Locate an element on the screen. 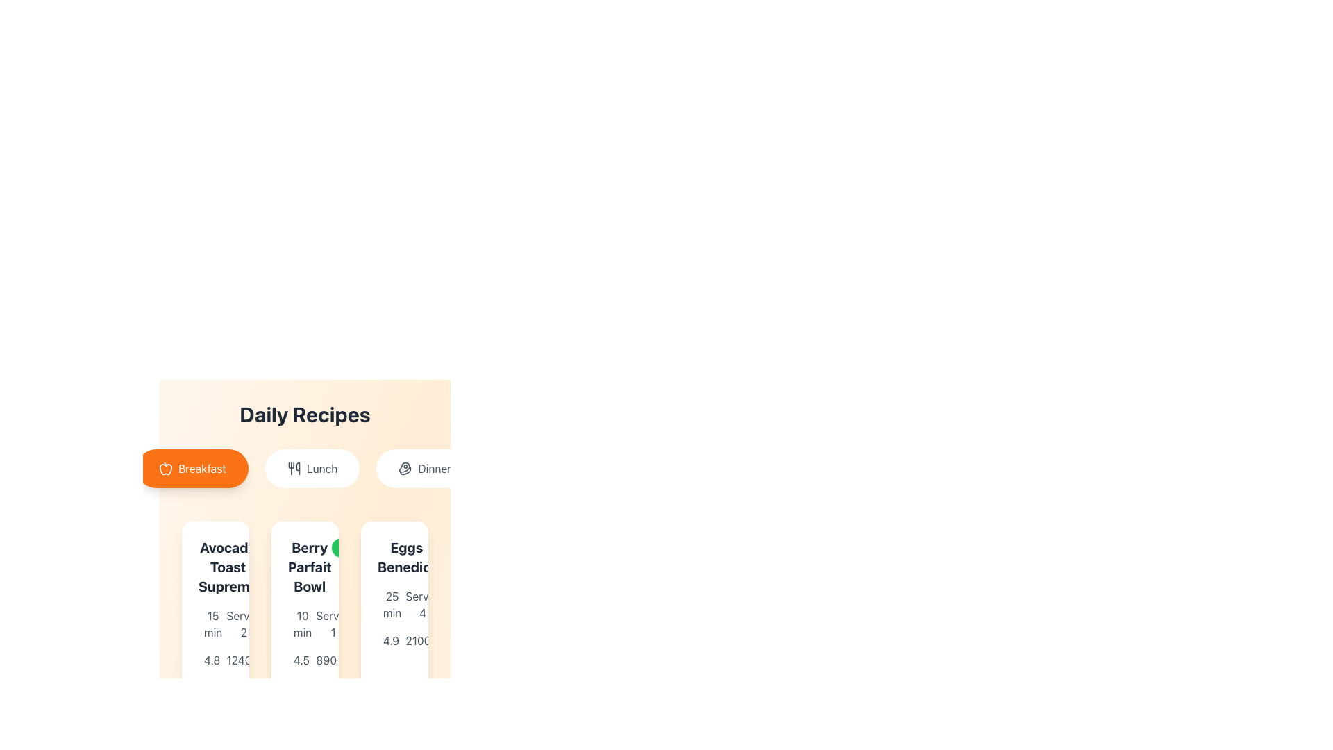  the text label '15 min' with the adjacent clock icon in orange, located under the title 'Avocado Toast Supreme' in the first recipe card from the left is located at coordinates (203, 623).